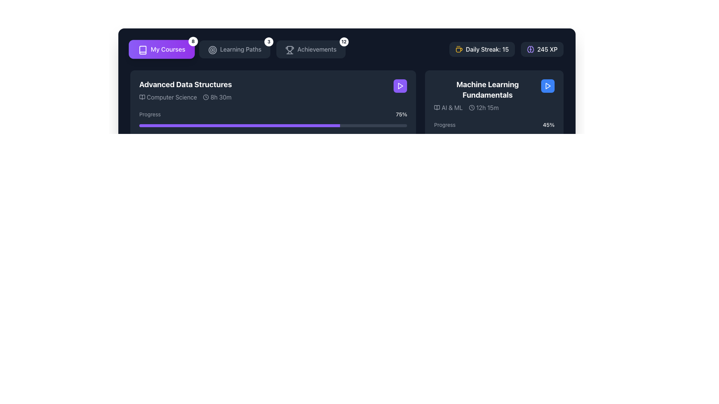 The height and width of the screenshot is (404, 719). Describe the element at coordinates (487, 108) in the screenshot. I see `the text label displaying '12h 15m' in the 'Machine Learning Fundamentals' area, which is styled in white over a dark background` at that location.